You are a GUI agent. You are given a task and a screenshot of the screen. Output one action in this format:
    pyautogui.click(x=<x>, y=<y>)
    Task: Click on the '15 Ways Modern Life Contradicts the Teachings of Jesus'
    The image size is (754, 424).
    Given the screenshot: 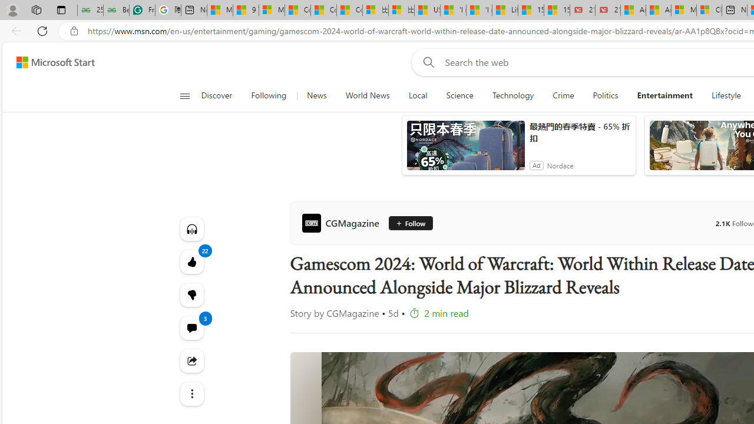 What is the action you would take?
    pyautogui.click(x=556, y=10)
    